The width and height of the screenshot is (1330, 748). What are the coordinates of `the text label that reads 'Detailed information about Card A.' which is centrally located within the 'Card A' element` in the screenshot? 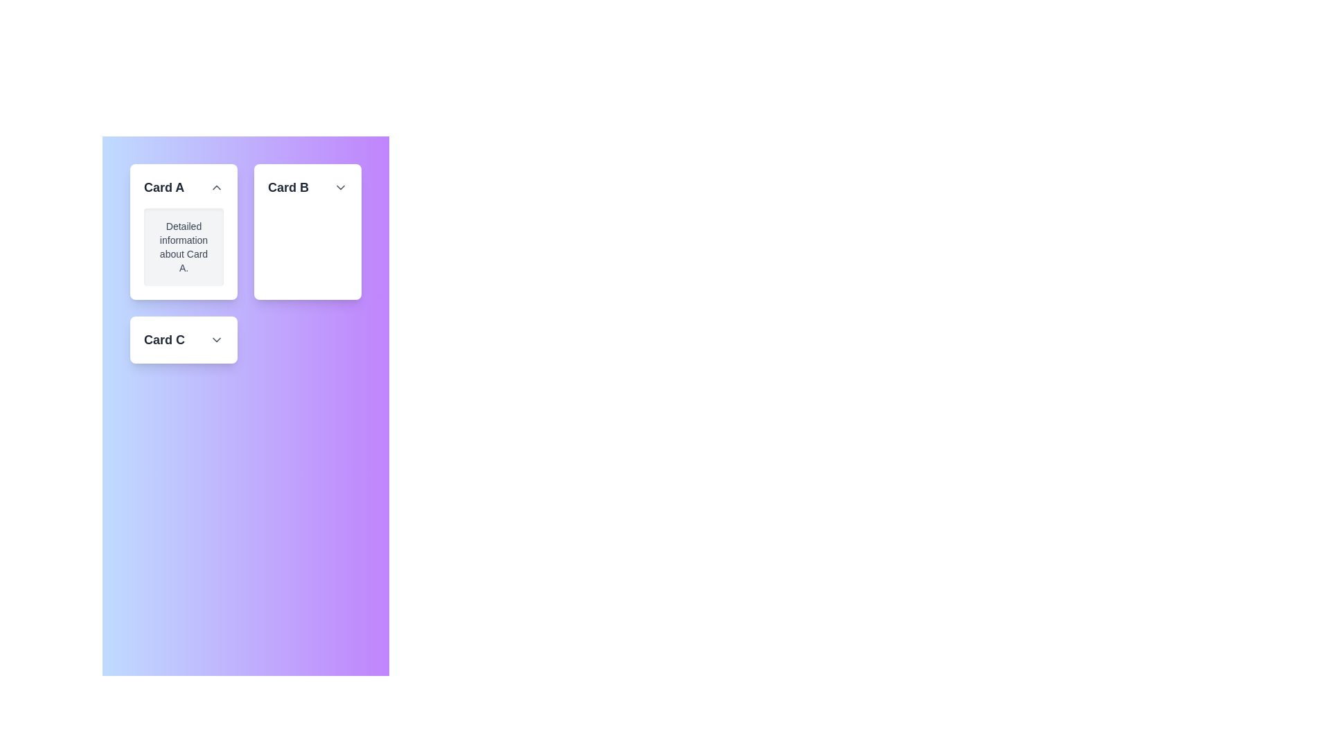 It's located at (183, 247).